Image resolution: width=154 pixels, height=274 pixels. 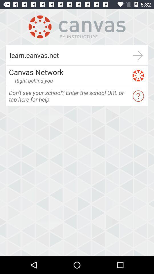 I want to click on item below the canvas network icon, so click(x=34, y=80).